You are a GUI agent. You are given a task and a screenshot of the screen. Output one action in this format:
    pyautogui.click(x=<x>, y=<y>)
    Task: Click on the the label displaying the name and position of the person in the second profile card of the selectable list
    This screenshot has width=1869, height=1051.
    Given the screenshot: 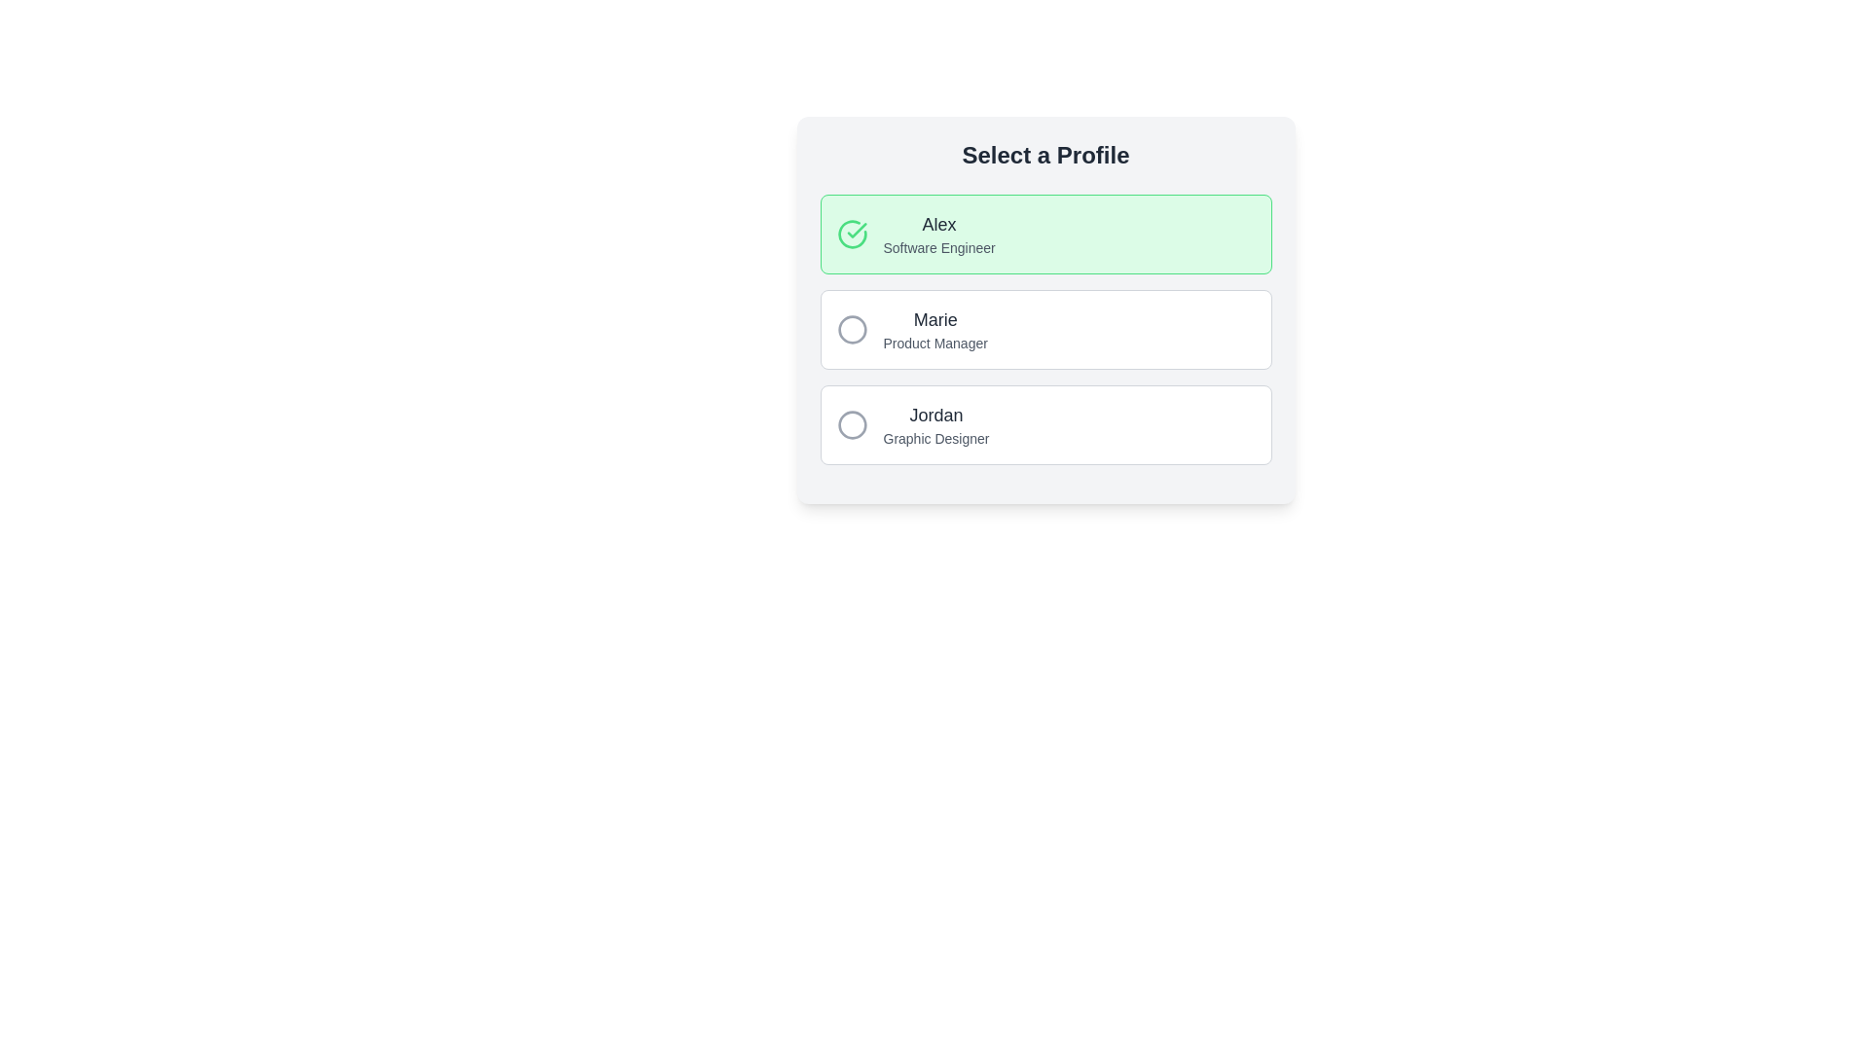 What is the action you would take?
    pyautogui.click(x=935, y=329)
    